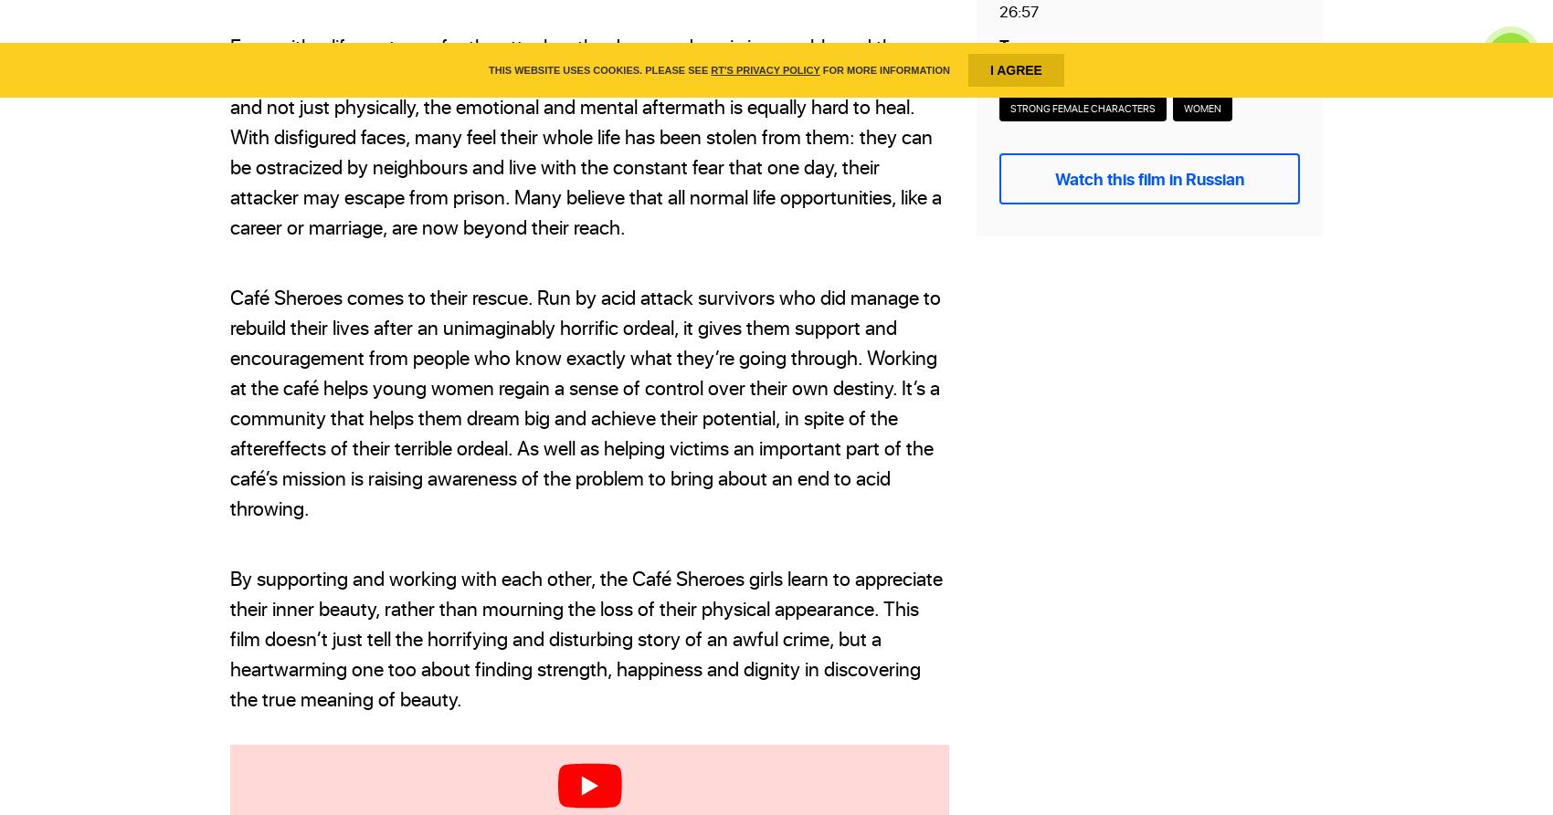  Describe the element at coordinates (1017, 44) in the screenshot. I see `'Tags'` at that location.